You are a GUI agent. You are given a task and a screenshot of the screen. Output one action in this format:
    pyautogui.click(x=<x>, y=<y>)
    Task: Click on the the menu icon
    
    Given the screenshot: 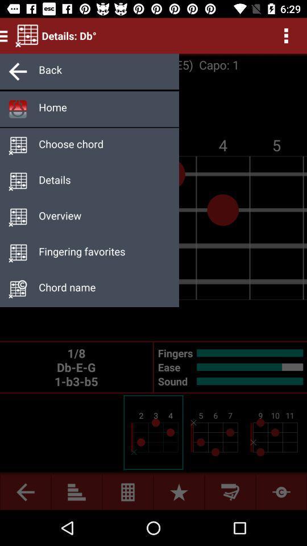 What is the action you would take?
    pyautogui.click(x=5, y=35)
    